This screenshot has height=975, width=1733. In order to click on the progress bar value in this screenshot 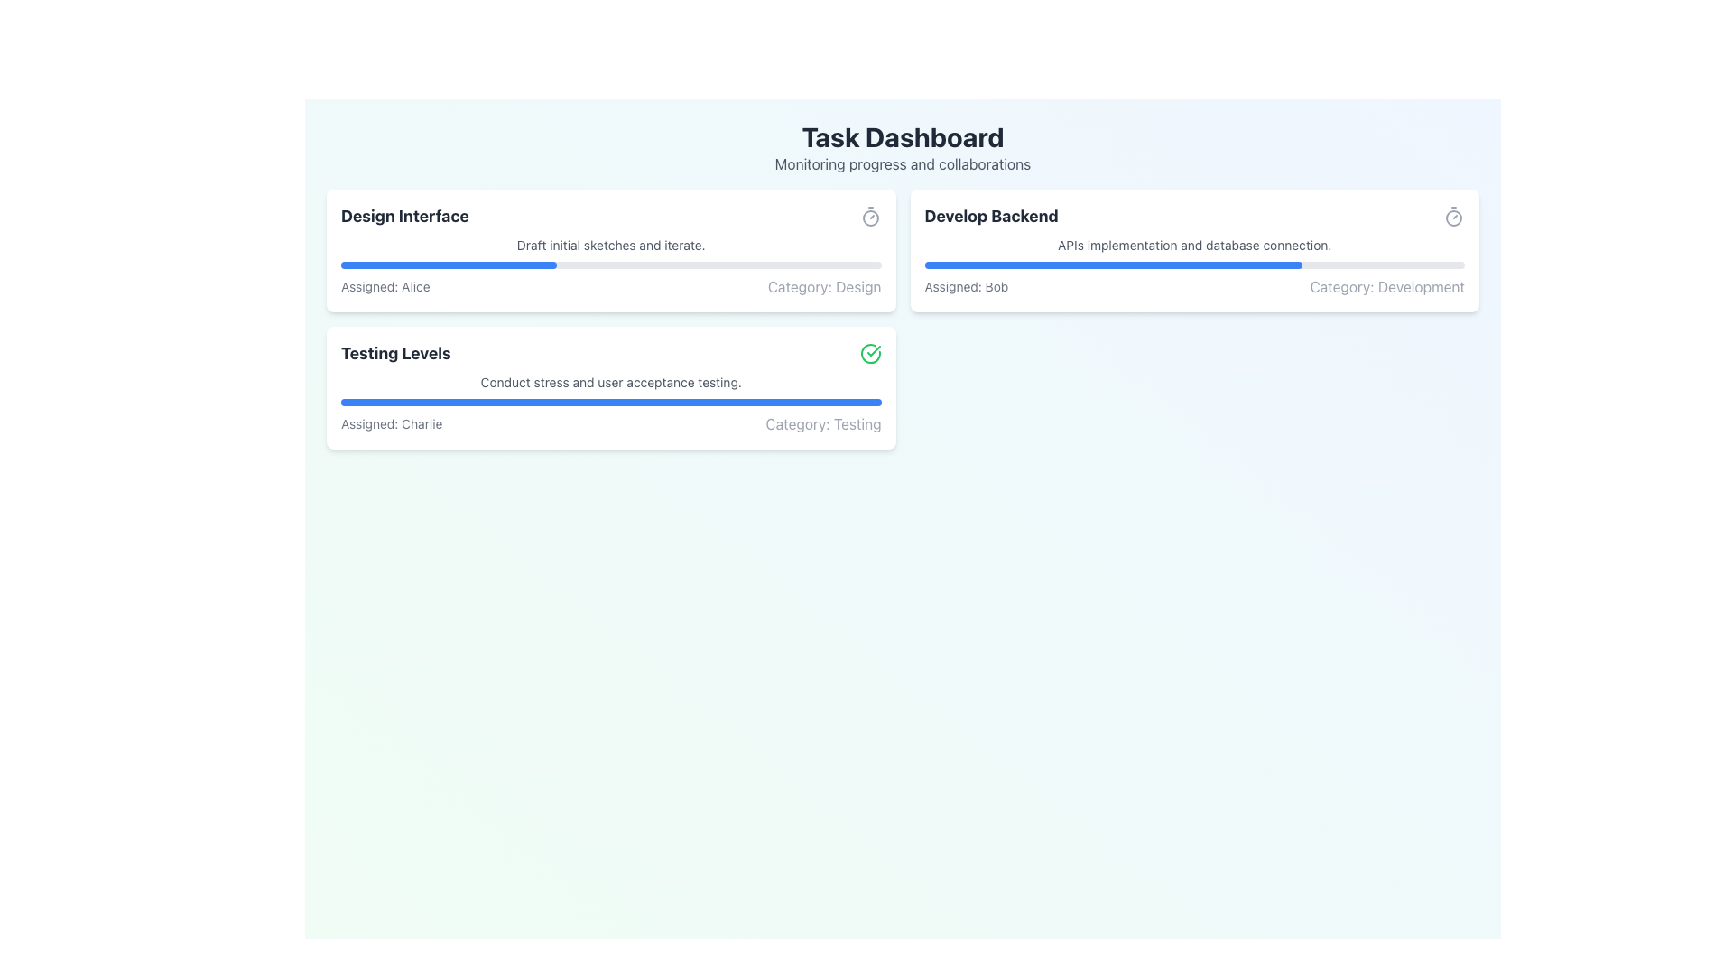, I will do `click(1173, 265)`.